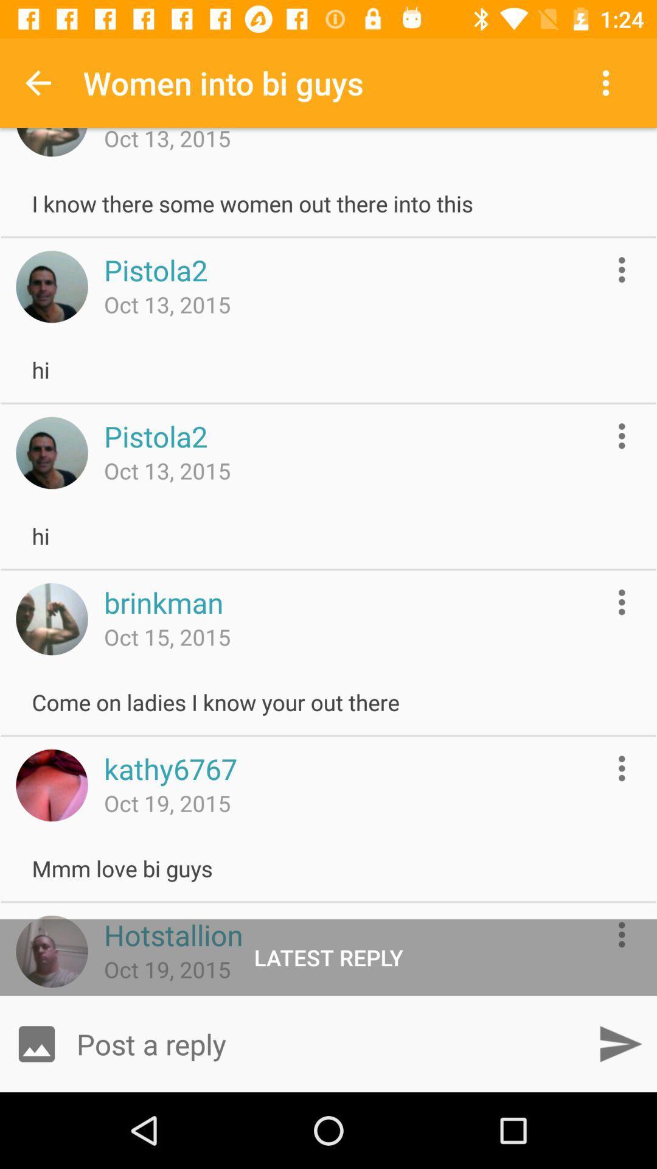  What do you see at coordinates (51, 785) in the screenshot?
I see `this user 's profile` at bounding box center [51, 785].